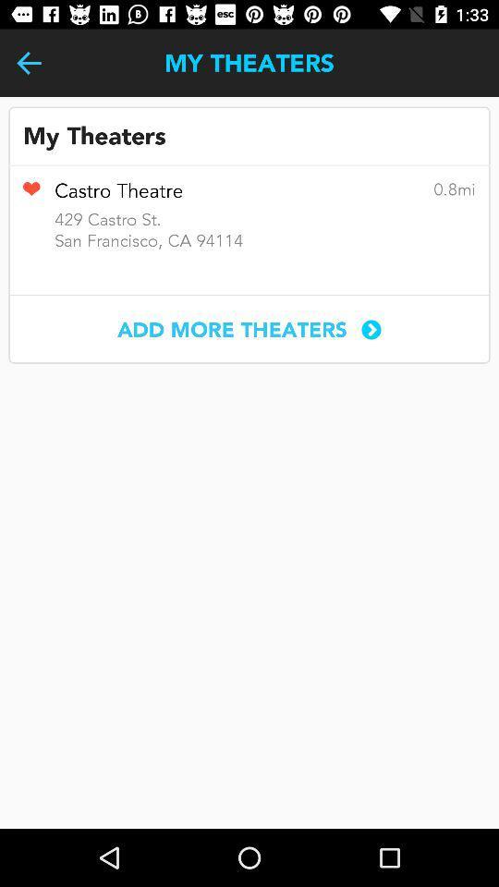 Image resolution: width=499 pixels, height=887 pixels. I want to click on previous page, so click(28, 63).